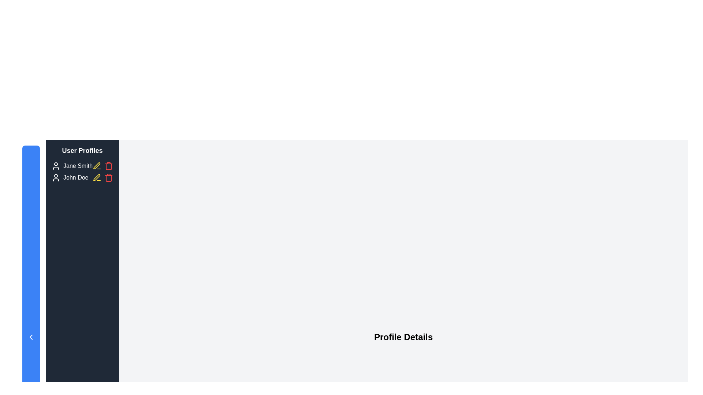 This screenshot has height=395, width=703. I want to click on the user profile list item for 'John Doe', which is the second row in the 'User Profiles' section of the left sidebar, so click(70, 178).